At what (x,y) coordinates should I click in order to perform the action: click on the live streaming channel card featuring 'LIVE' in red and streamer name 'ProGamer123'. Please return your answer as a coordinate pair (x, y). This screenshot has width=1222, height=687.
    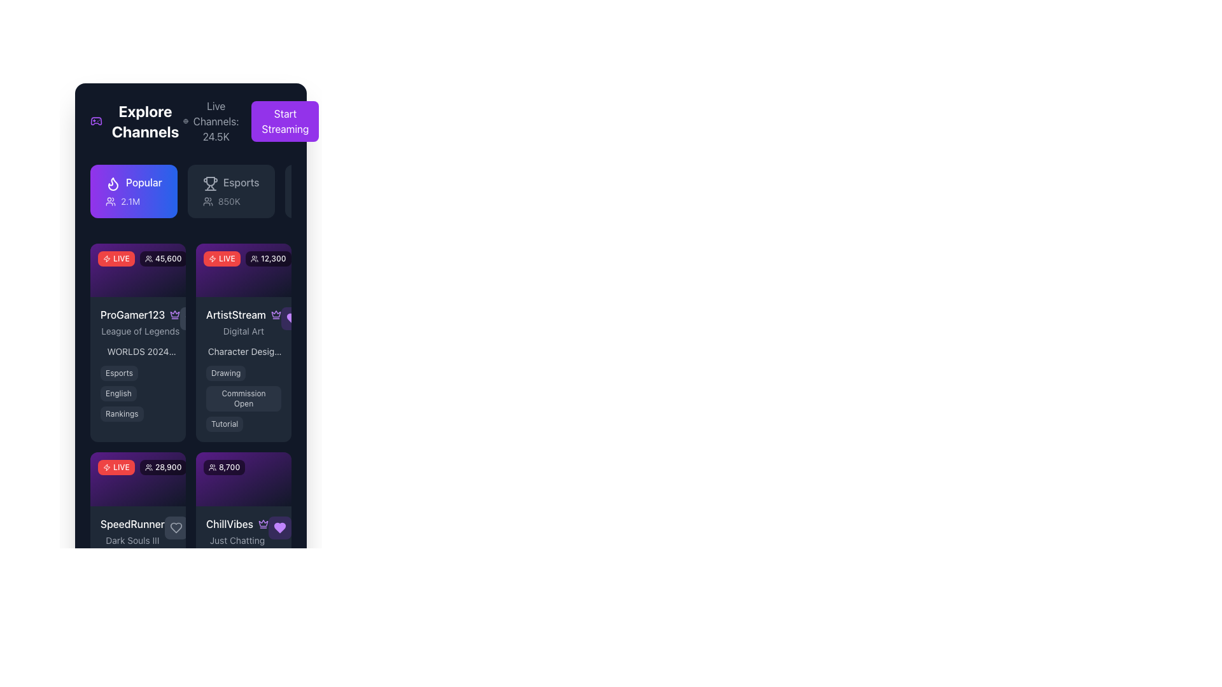
    Looking at the image, I should click on (137, 342).